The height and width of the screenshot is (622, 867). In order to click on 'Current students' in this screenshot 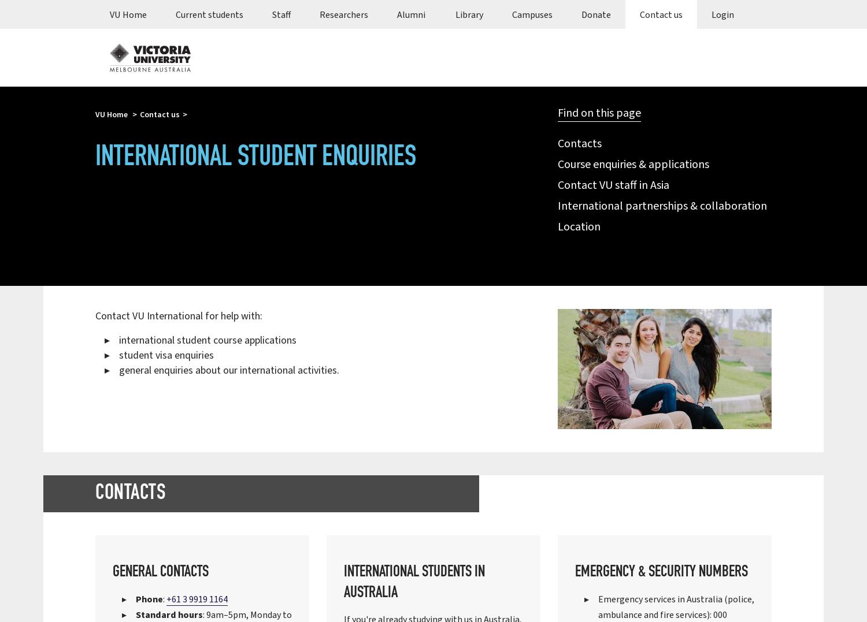, I will do `click(209, 14)`.